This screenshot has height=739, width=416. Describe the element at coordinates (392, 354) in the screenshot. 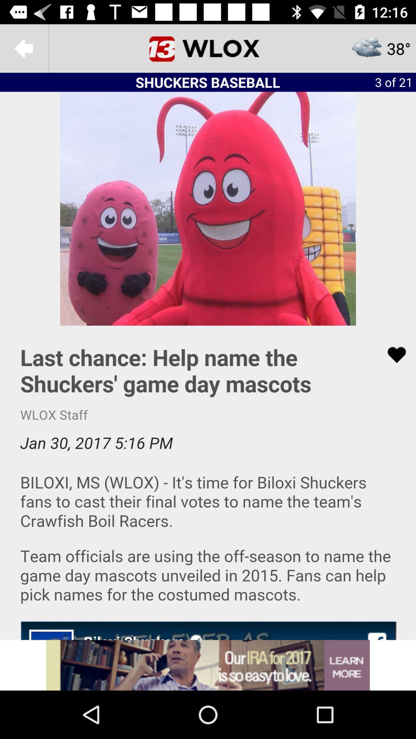

I see `like` at that location.